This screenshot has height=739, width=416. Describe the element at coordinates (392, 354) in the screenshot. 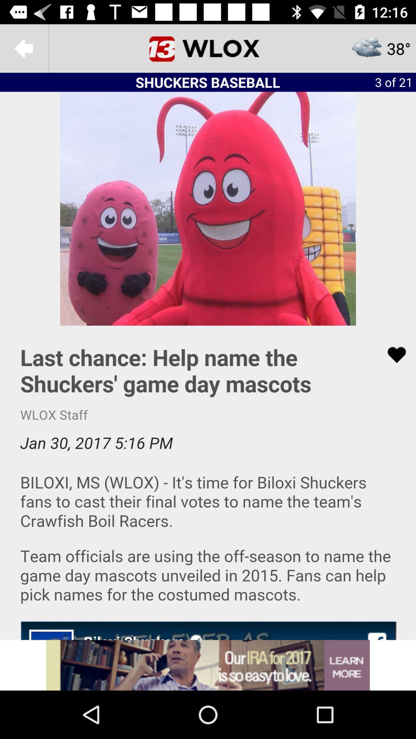

I see `like` at that location.